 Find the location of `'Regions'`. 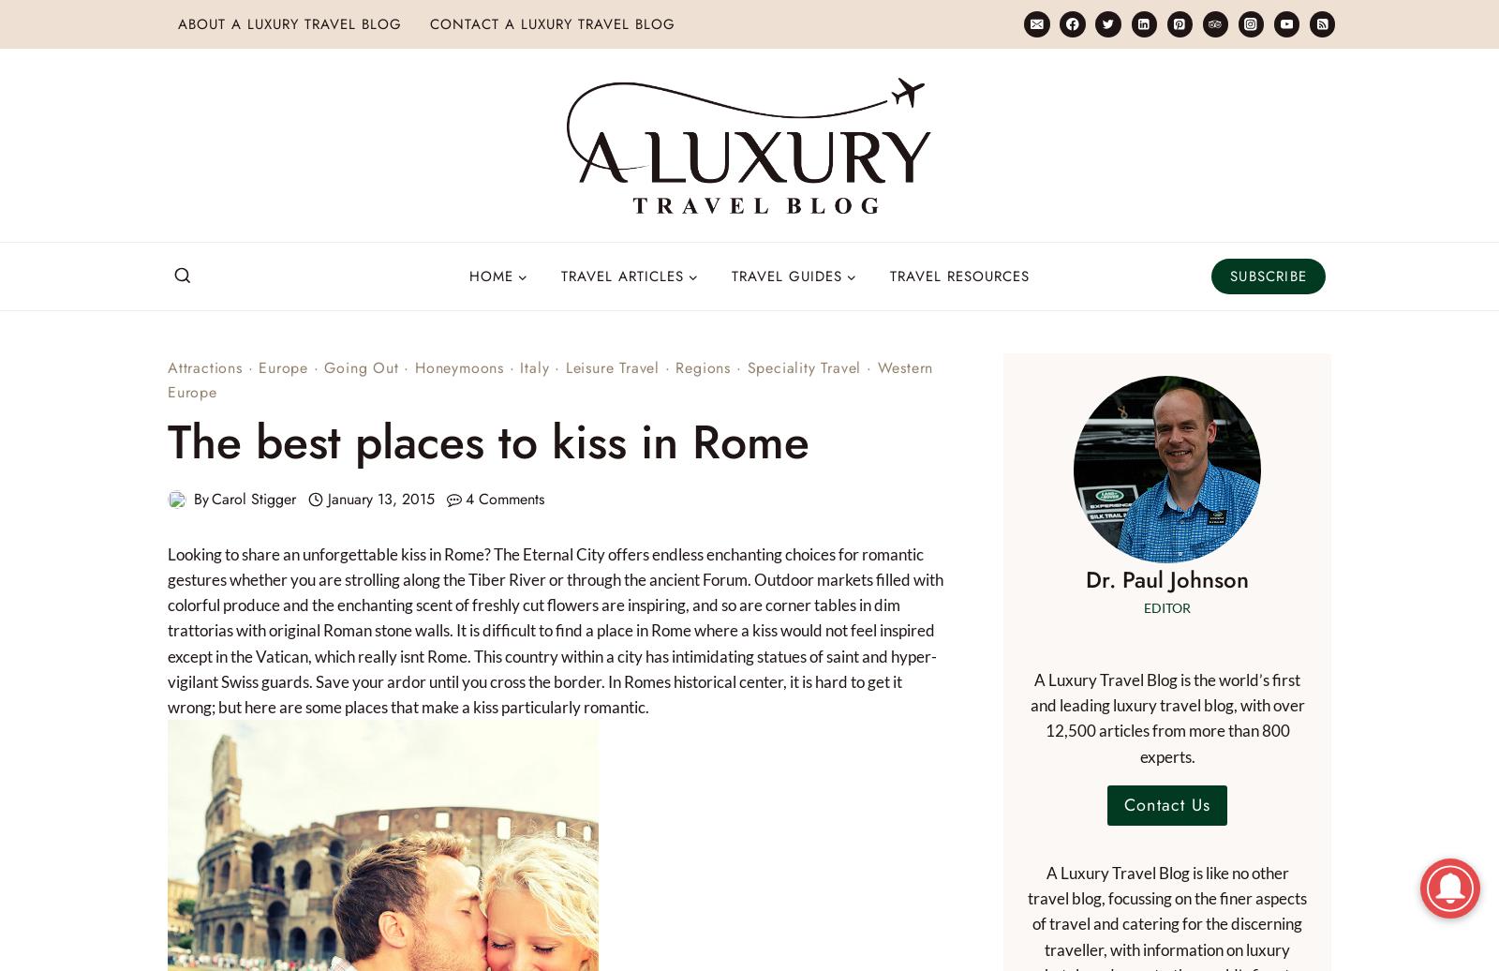

'Regions' is located at coordinates (703, 367).